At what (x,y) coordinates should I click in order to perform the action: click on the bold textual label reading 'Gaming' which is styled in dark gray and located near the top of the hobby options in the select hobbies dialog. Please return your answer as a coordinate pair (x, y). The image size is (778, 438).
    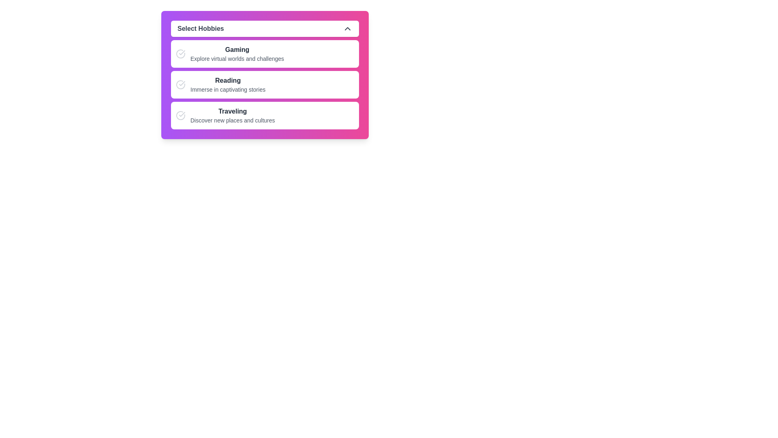
    Looking at the image, I should click on (237, 50).